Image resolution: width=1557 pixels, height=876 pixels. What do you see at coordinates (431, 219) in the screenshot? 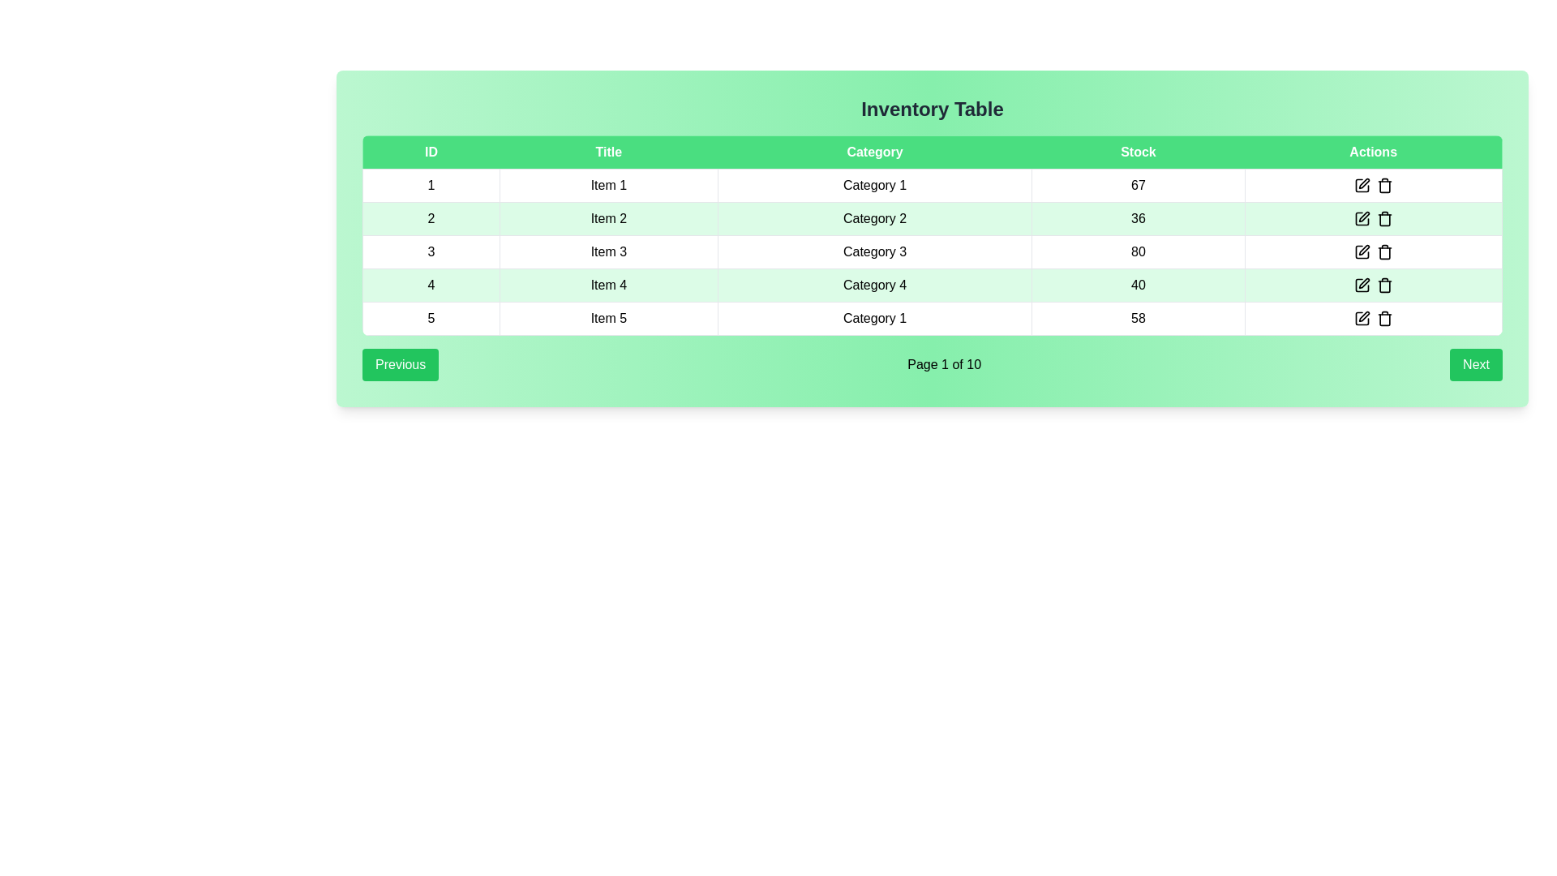
I see `the text label that serves as a unique identifier for the second row of the inventory table, located under the 'ID' header` at bounding box center [431, 219].